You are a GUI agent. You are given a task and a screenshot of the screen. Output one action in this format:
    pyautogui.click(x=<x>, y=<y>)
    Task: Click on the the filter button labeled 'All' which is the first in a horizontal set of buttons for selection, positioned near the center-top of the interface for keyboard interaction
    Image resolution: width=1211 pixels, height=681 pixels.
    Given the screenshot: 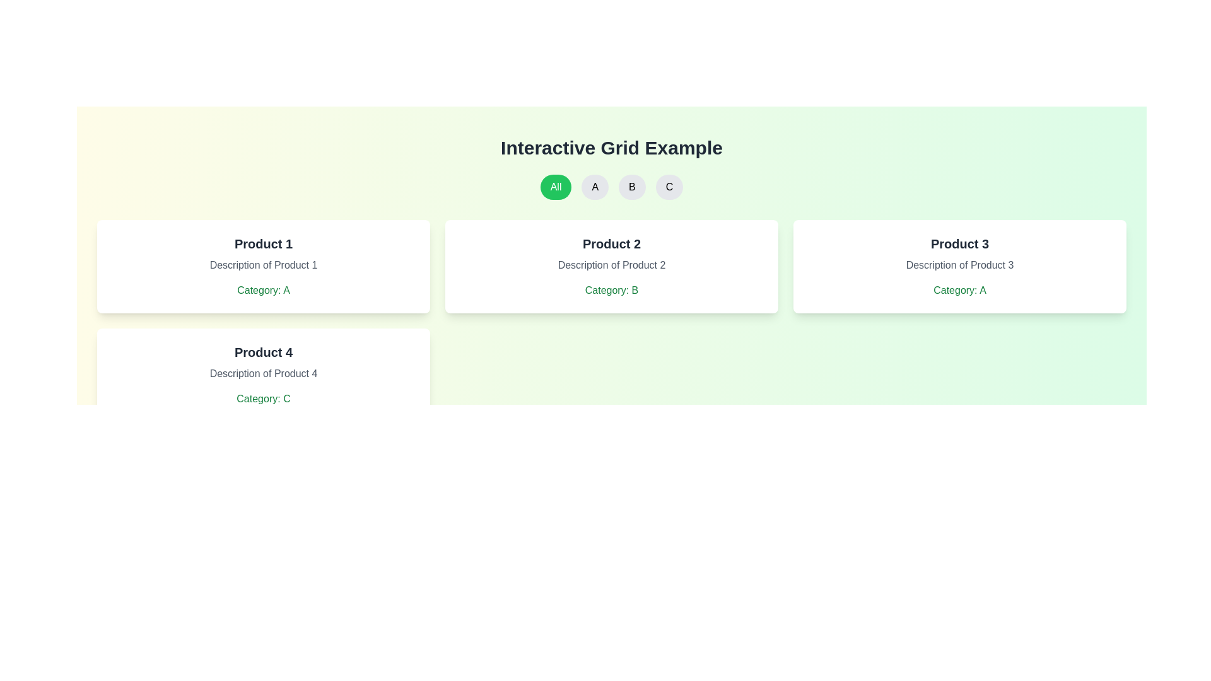 What is the action you would take?
    pyautogui.click(x=555, y=187)
    